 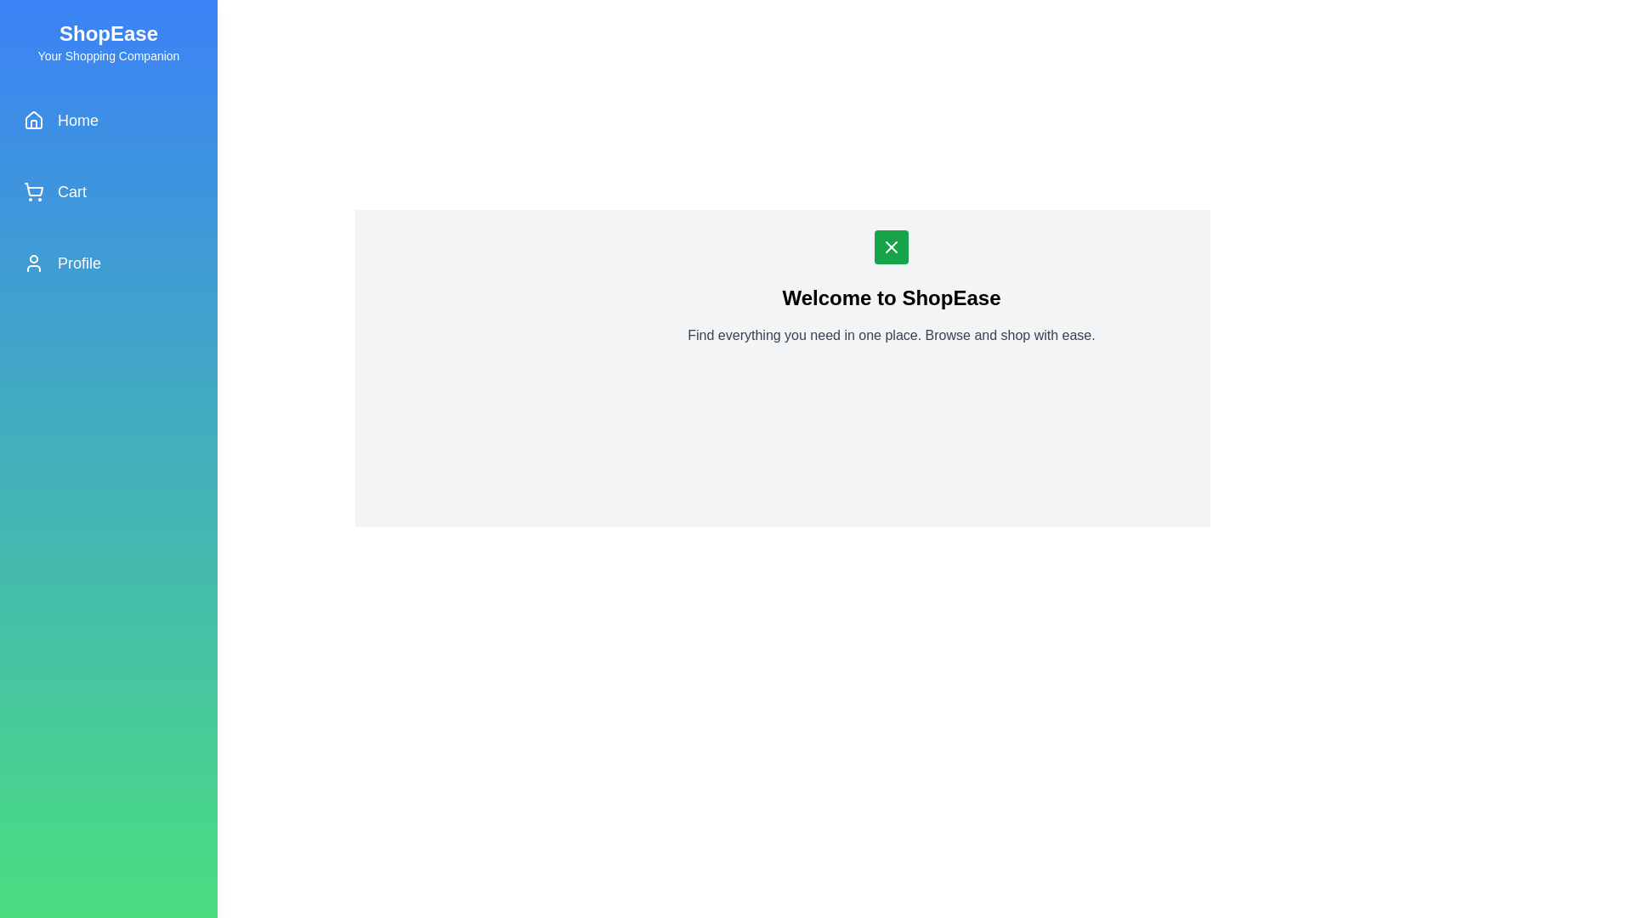 What do you see at coordinates (108, 54) in the screenshot?
I see `the text label providing a subtitle or descriptive tagline associated with 'ShopEase', located directly below the 'ShopEase' header in the sidebar area` at bounding box center [108, 54].